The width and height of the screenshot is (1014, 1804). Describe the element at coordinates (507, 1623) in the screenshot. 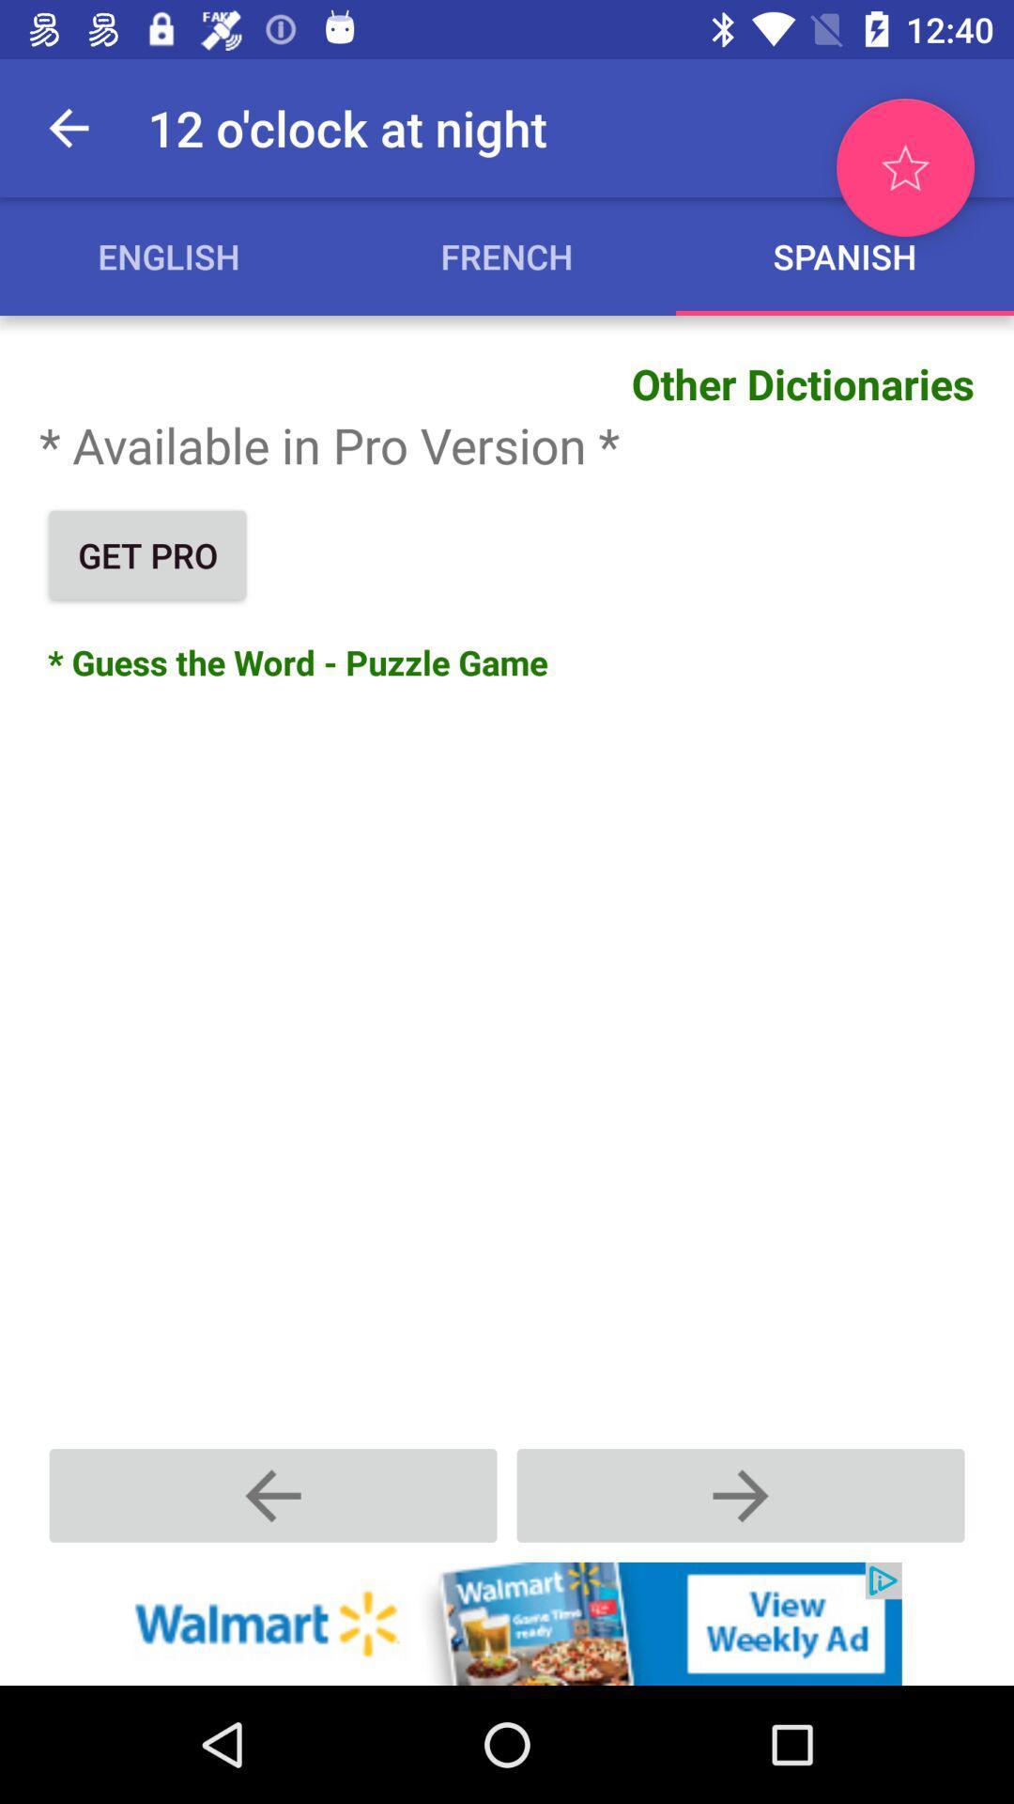

I see `advertisement website` at that location.